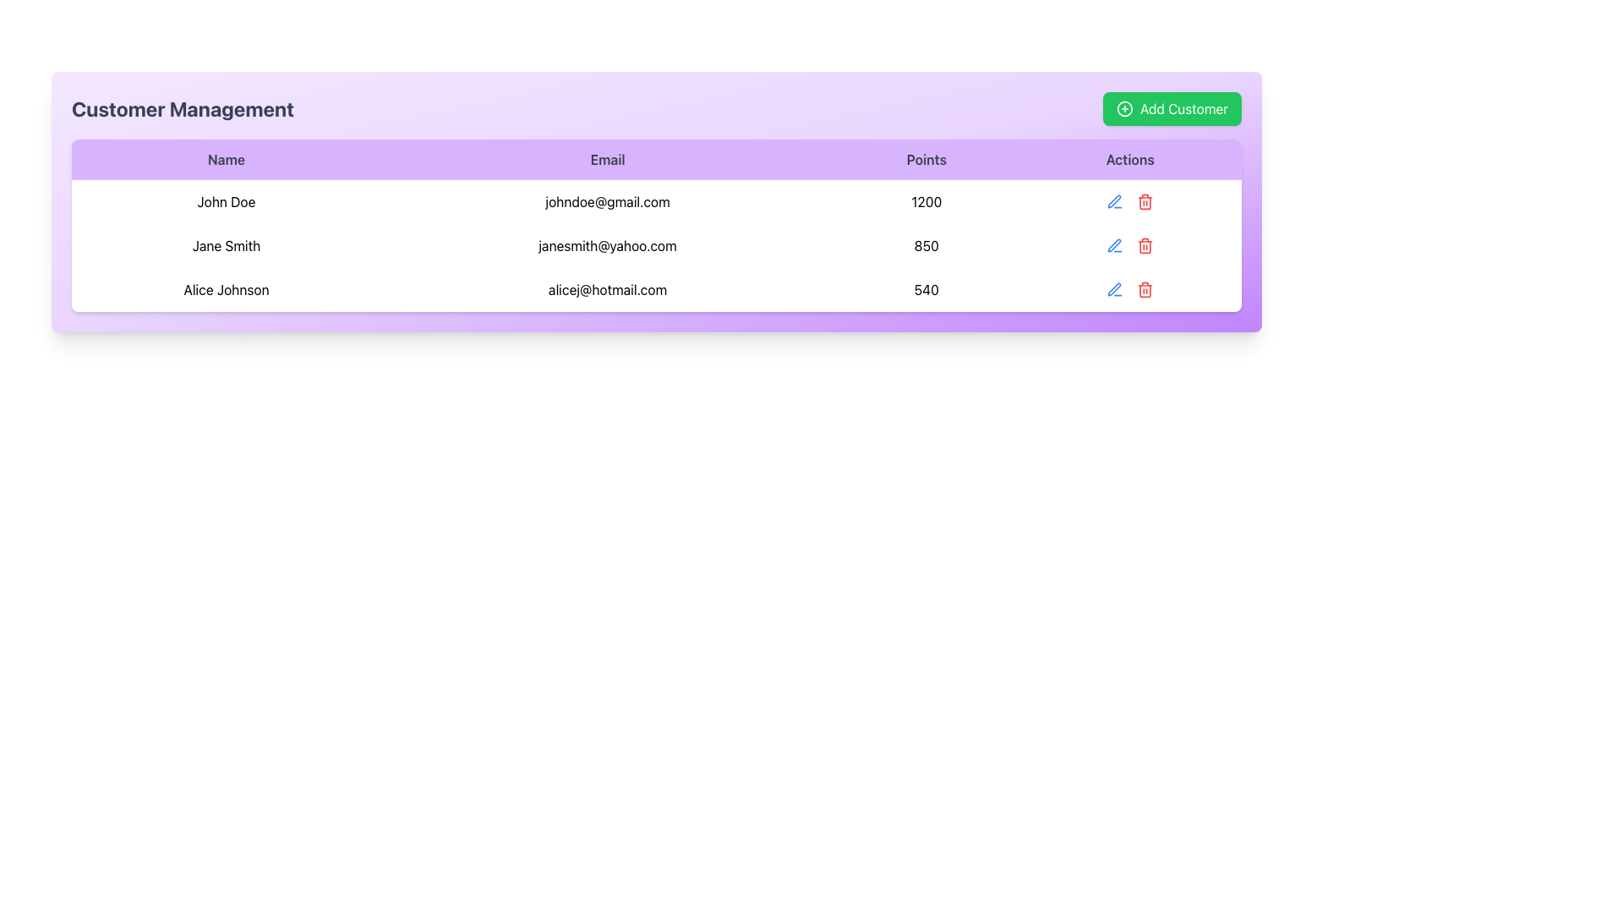  Describe the element at coordinates (1115, 201) in the screenshot. I see `the edit button in the 'Actions' column for the first row representing 'John Doe'` at that location.